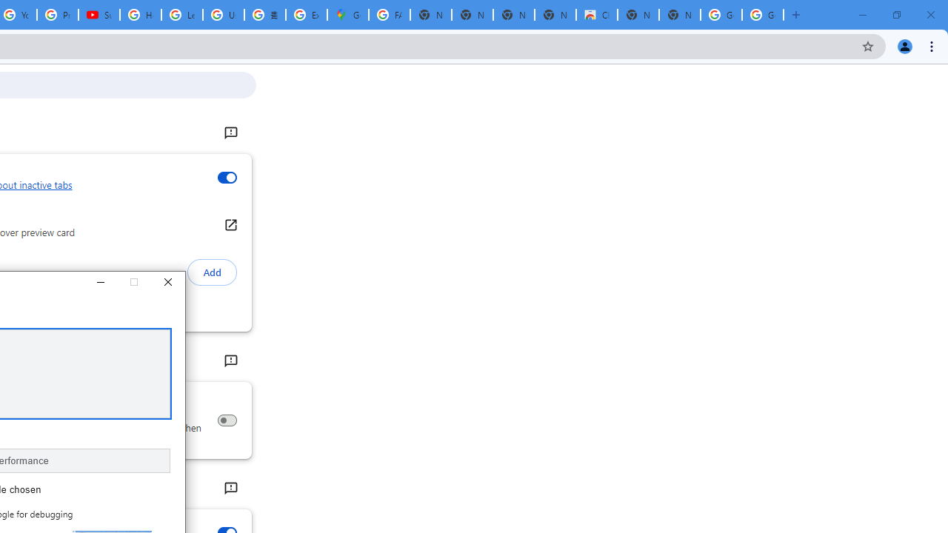 The image size is (948, 533). I want to click on 'Google Maps', so click(347, 15).